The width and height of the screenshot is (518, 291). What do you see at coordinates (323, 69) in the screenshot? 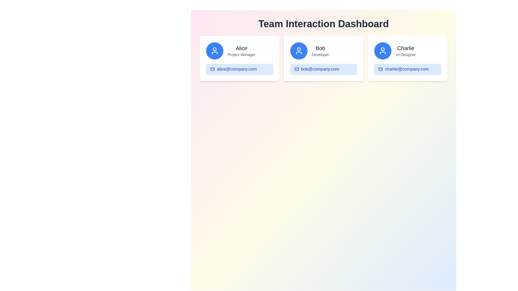
I see `the interactive email button located at the bottom of the 'Bob - Developer' card` at bounding box center [323, 69].